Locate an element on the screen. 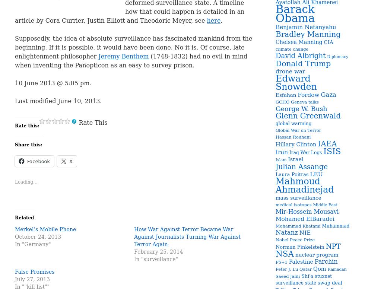 This screenshot has width=365, height=289. 'Peter J. Lu' is located at coordinates (275, 269).